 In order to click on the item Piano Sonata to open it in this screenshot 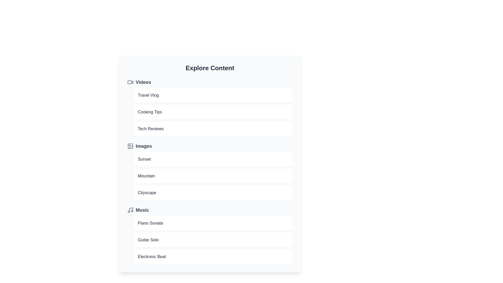, I will do `click(213, 223)`.